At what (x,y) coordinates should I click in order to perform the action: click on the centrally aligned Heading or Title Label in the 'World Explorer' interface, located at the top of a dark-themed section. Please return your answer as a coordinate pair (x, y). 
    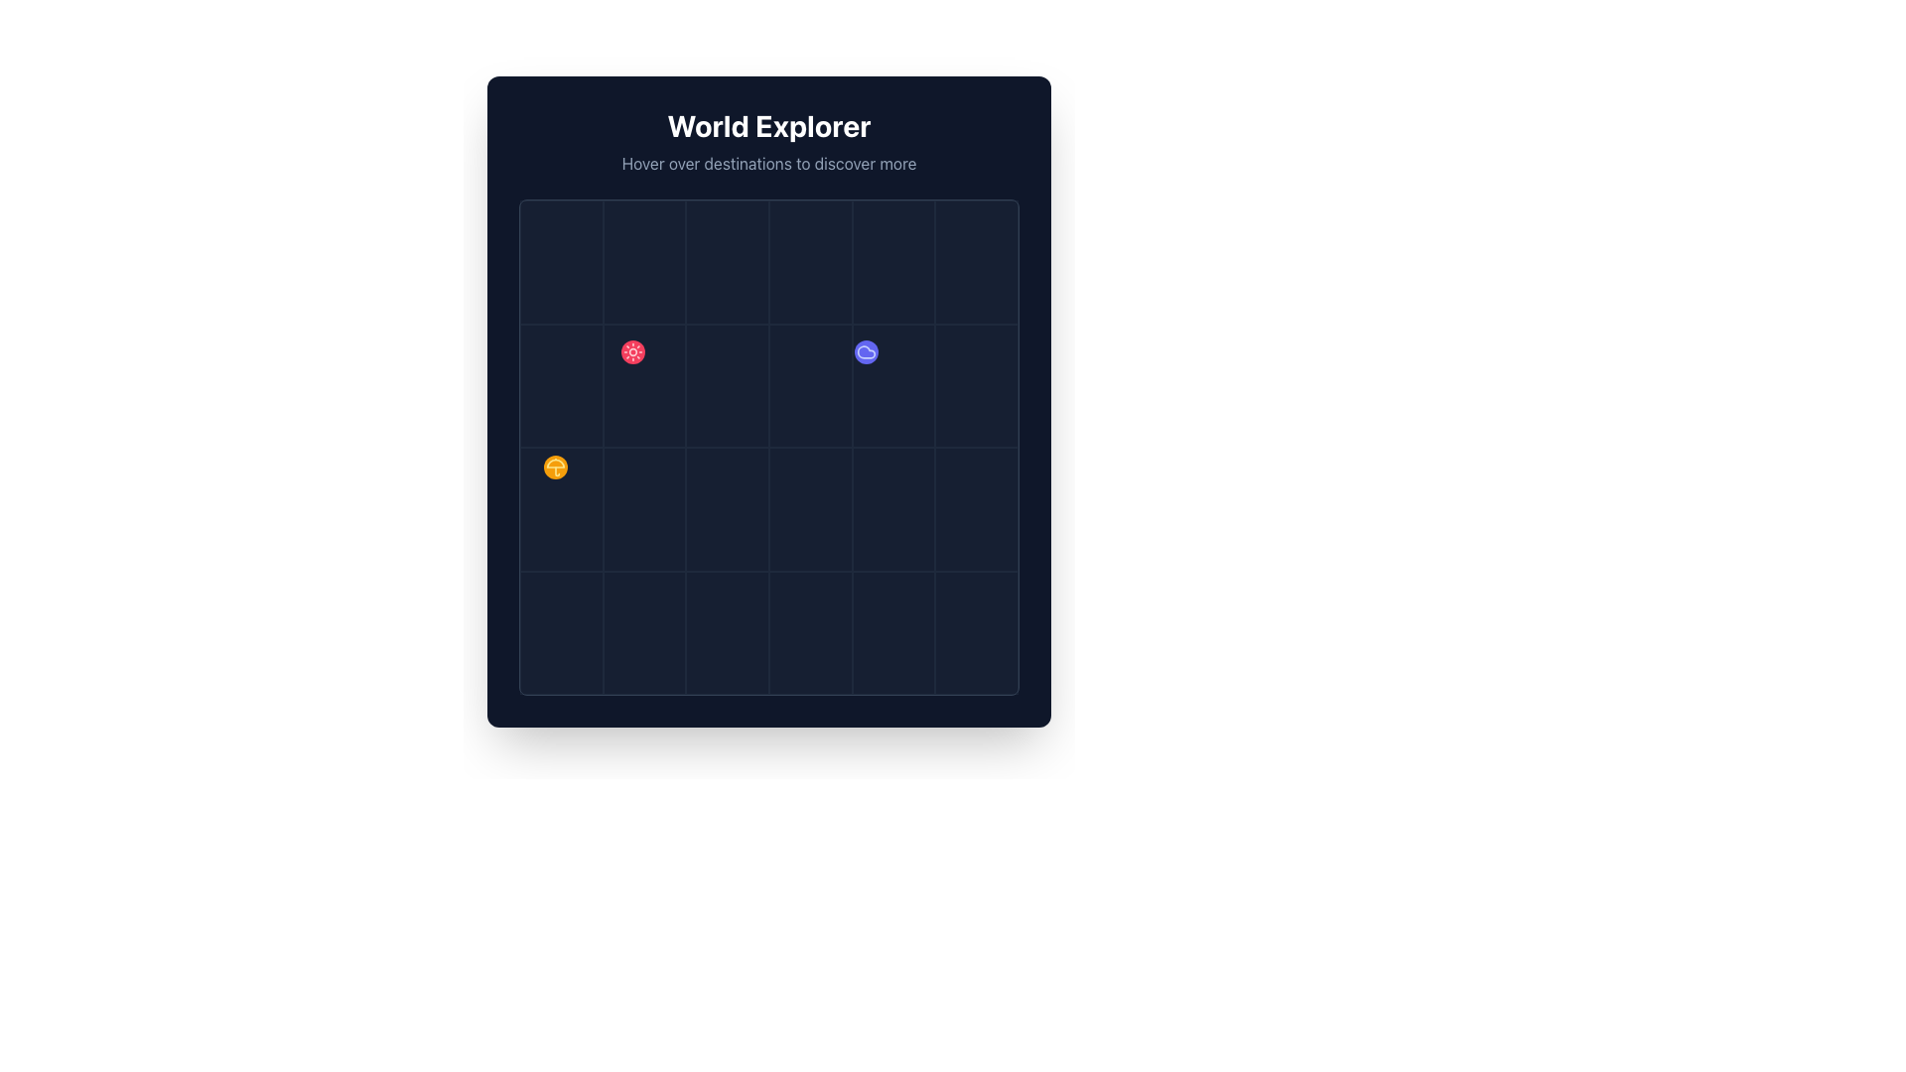
    Looking at the image, I should click on (767, 126).